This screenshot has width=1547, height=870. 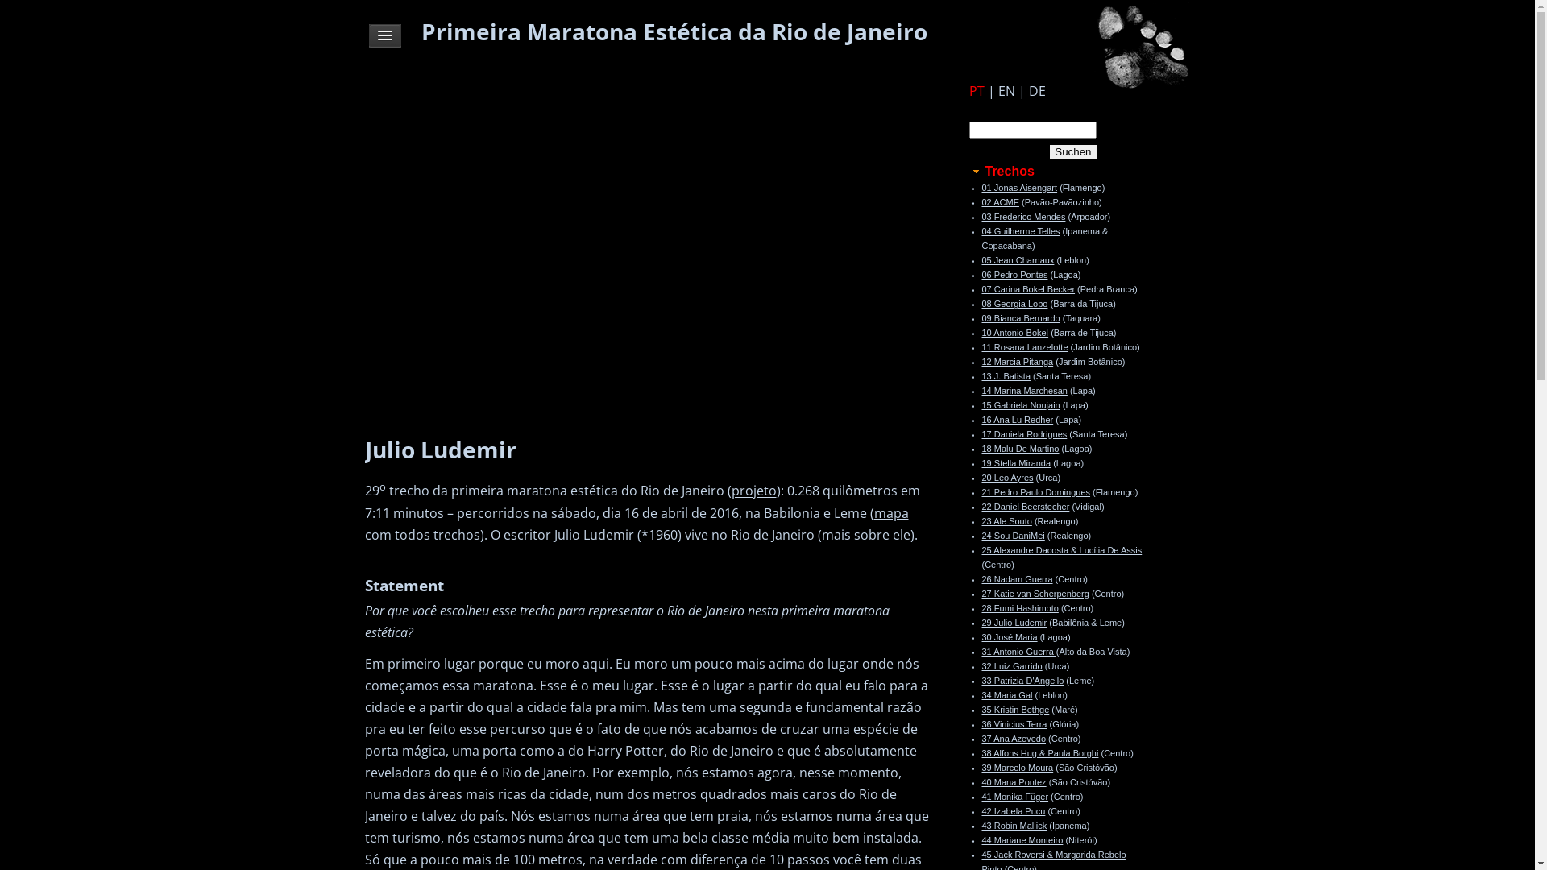 What do you see at coordinates (981, 578) in the screenshot?
I see `'26 Nadam Guerra'` at bounding box center [981, 578].